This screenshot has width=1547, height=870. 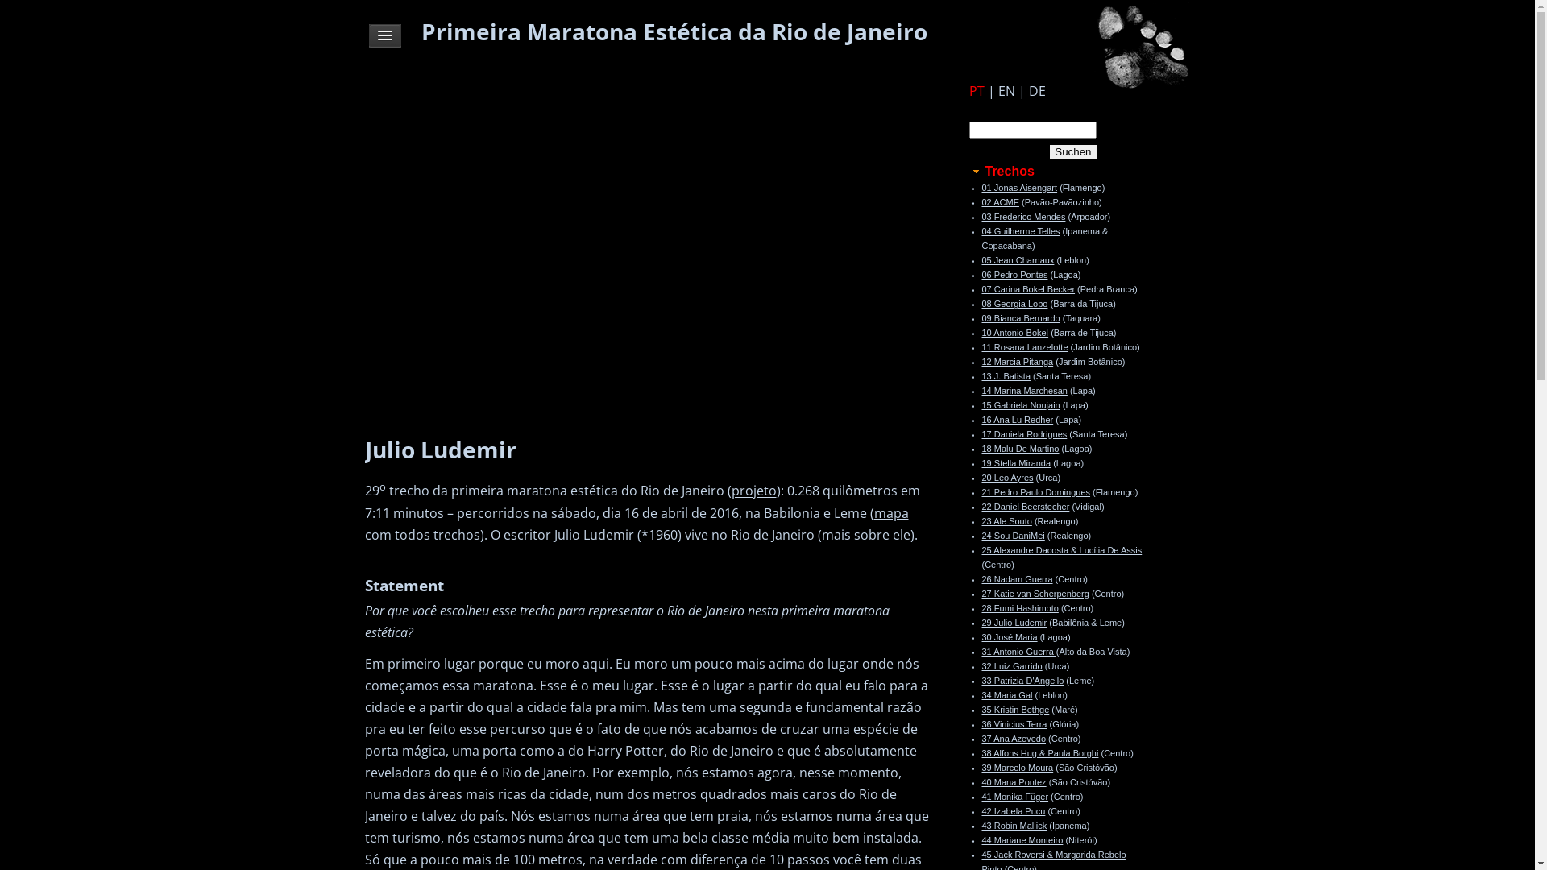 What do you see at coordinates (981, 578) in the screenshot?
I see `'26 Nadam Guerra'` at bounding box center [981, 578].